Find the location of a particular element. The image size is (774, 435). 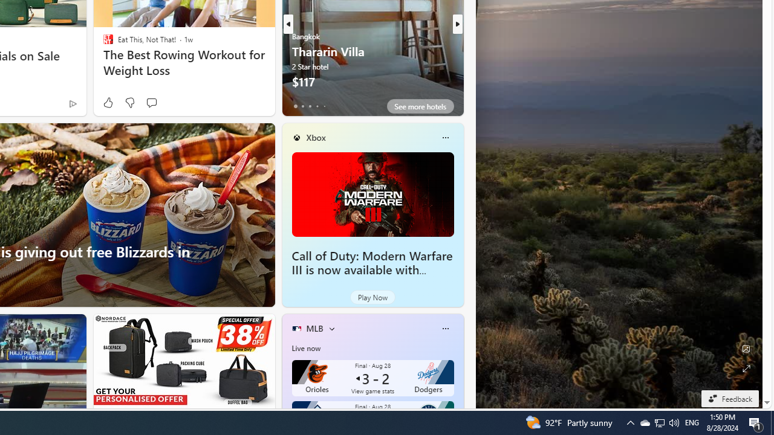

'Start the conversation' is located at coordinates (151, 101).